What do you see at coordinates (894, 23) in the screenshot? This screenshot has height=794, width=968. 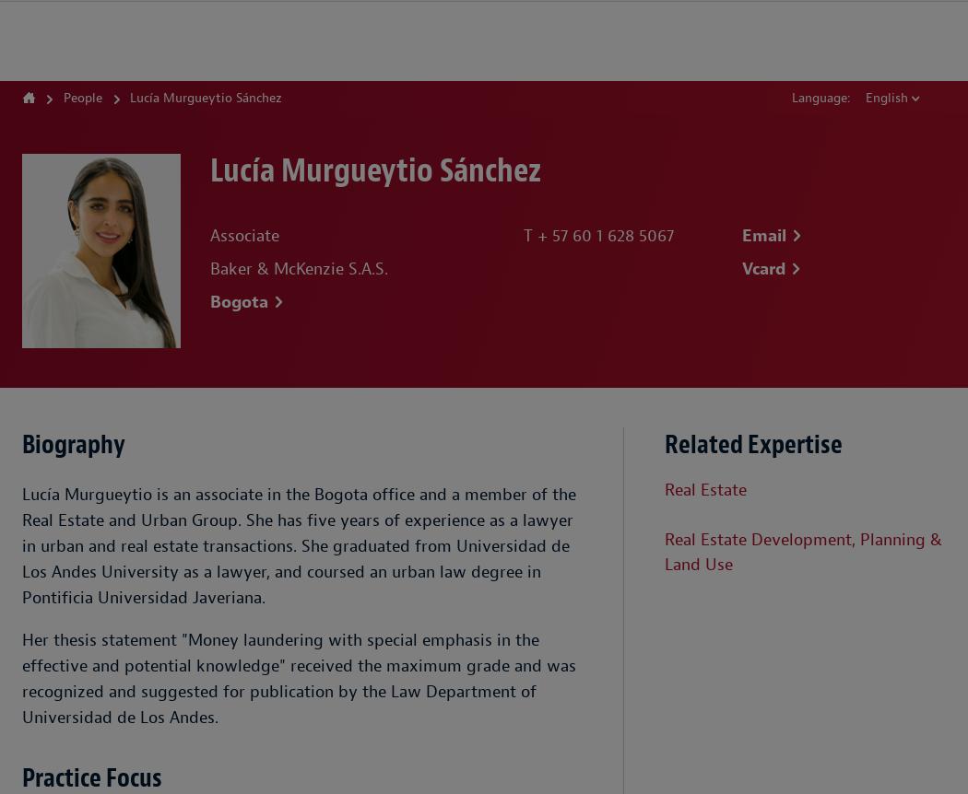 I see `'Locations'` at bounding box center [894, 23].